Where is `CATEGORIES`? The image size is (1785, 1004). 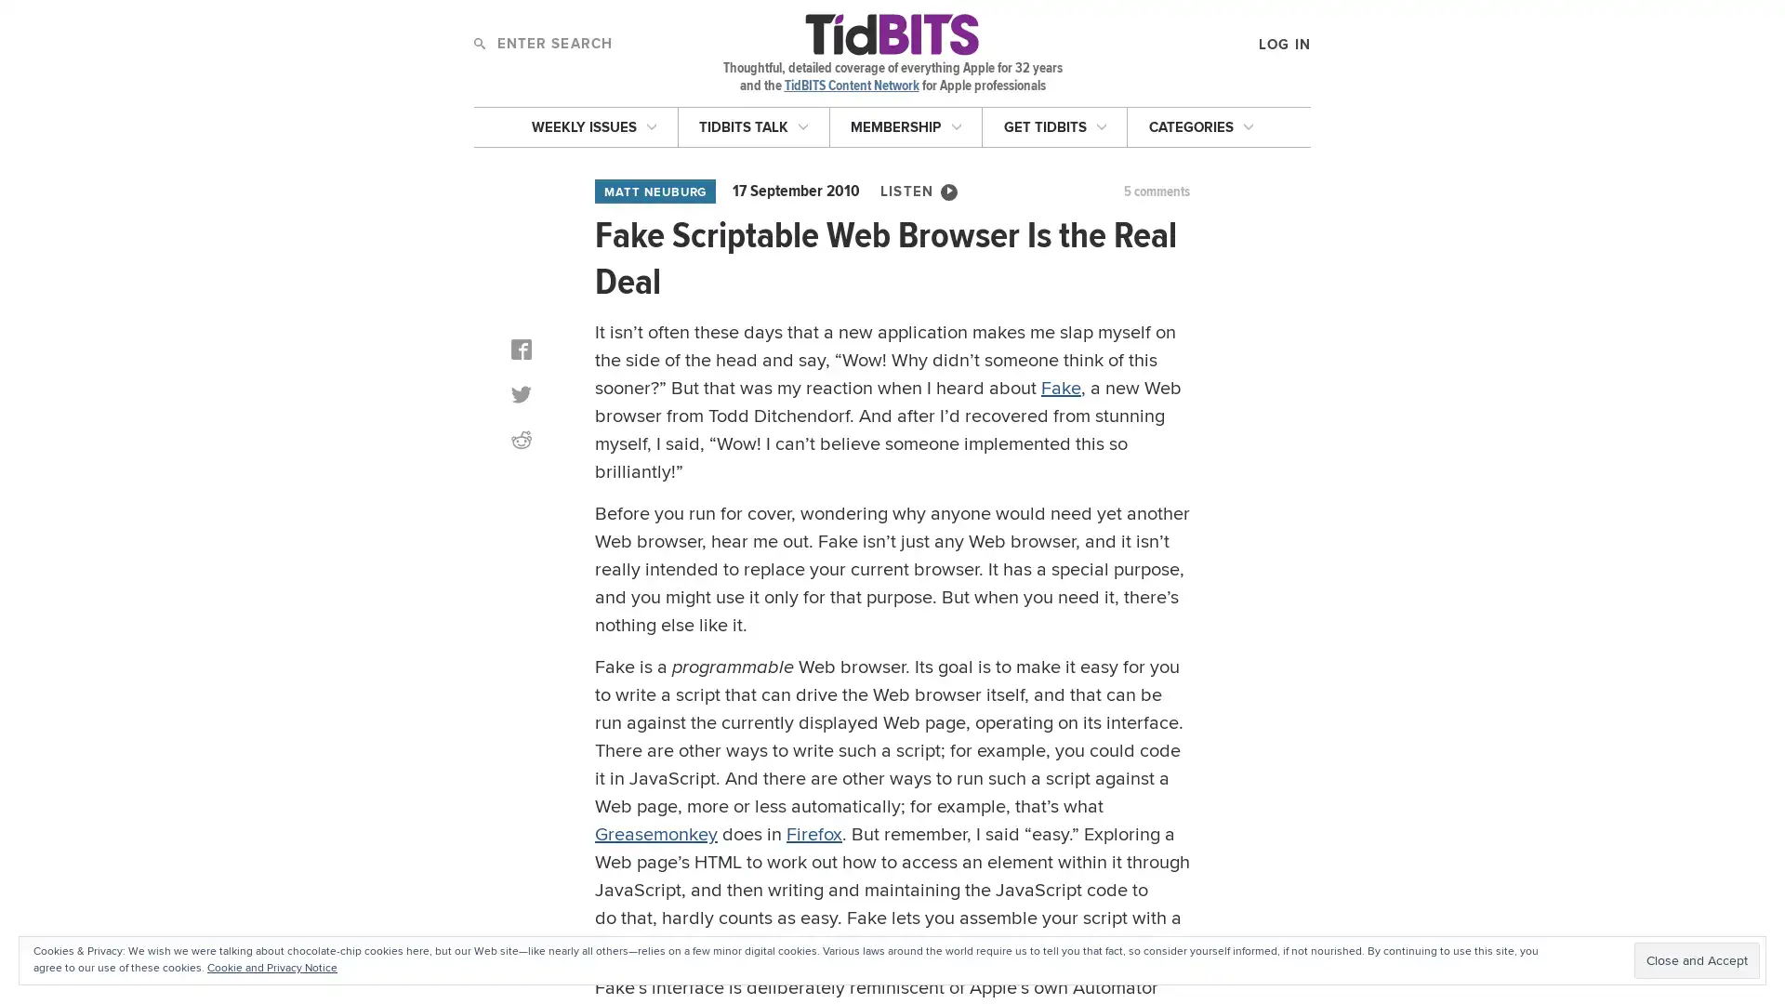
CATEGORIES is located at coordinates (1200, 125).